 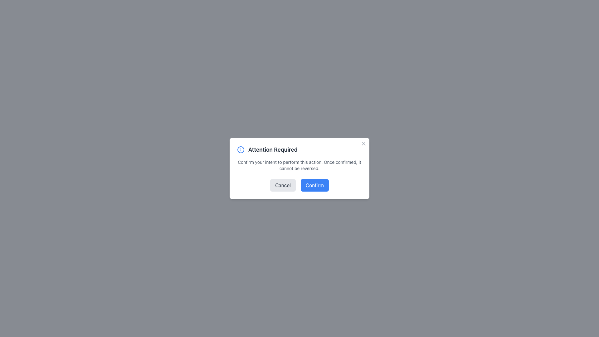 What do you see at coordinates (241, 149) in the screenshot?
I see `the informational icon located to the left of the 'Attention Required' text in the top-left corner of the dialog box` at bounding box center [241, 149].